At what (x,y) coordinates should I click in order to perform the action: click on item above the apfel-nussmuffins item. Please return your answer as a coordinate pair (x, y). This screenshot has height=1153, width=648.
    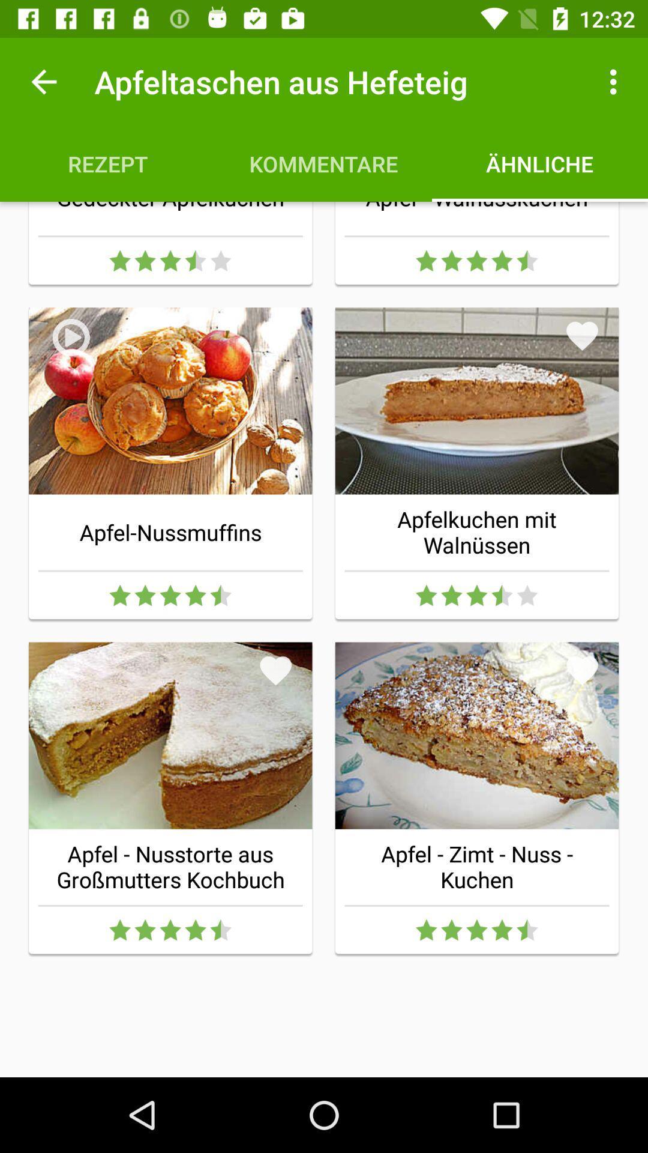
    Looking at the image, I should click on (275, 336).